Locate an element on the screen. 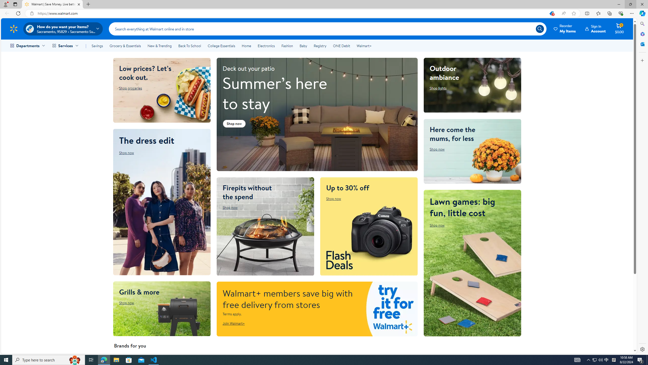 The height and width of the screenshot is (365, 648). 'Walmart | Save Money. Live better.' is located at coordinates (52, 4).